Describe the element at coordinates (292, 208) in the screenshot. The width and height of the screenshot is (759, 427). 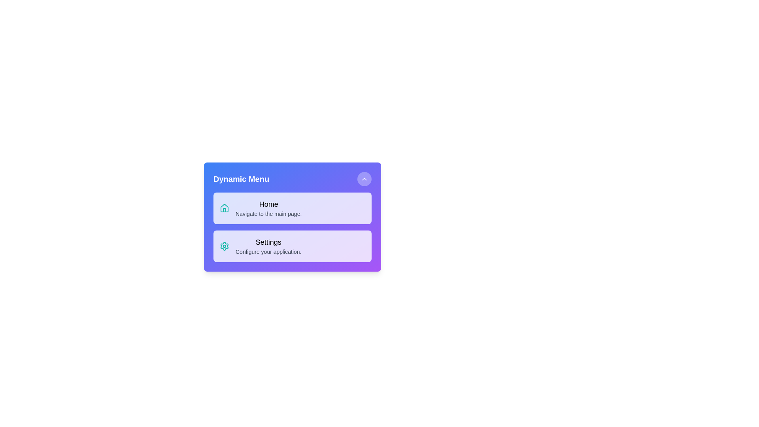
I see `the menu item Home` at that location.